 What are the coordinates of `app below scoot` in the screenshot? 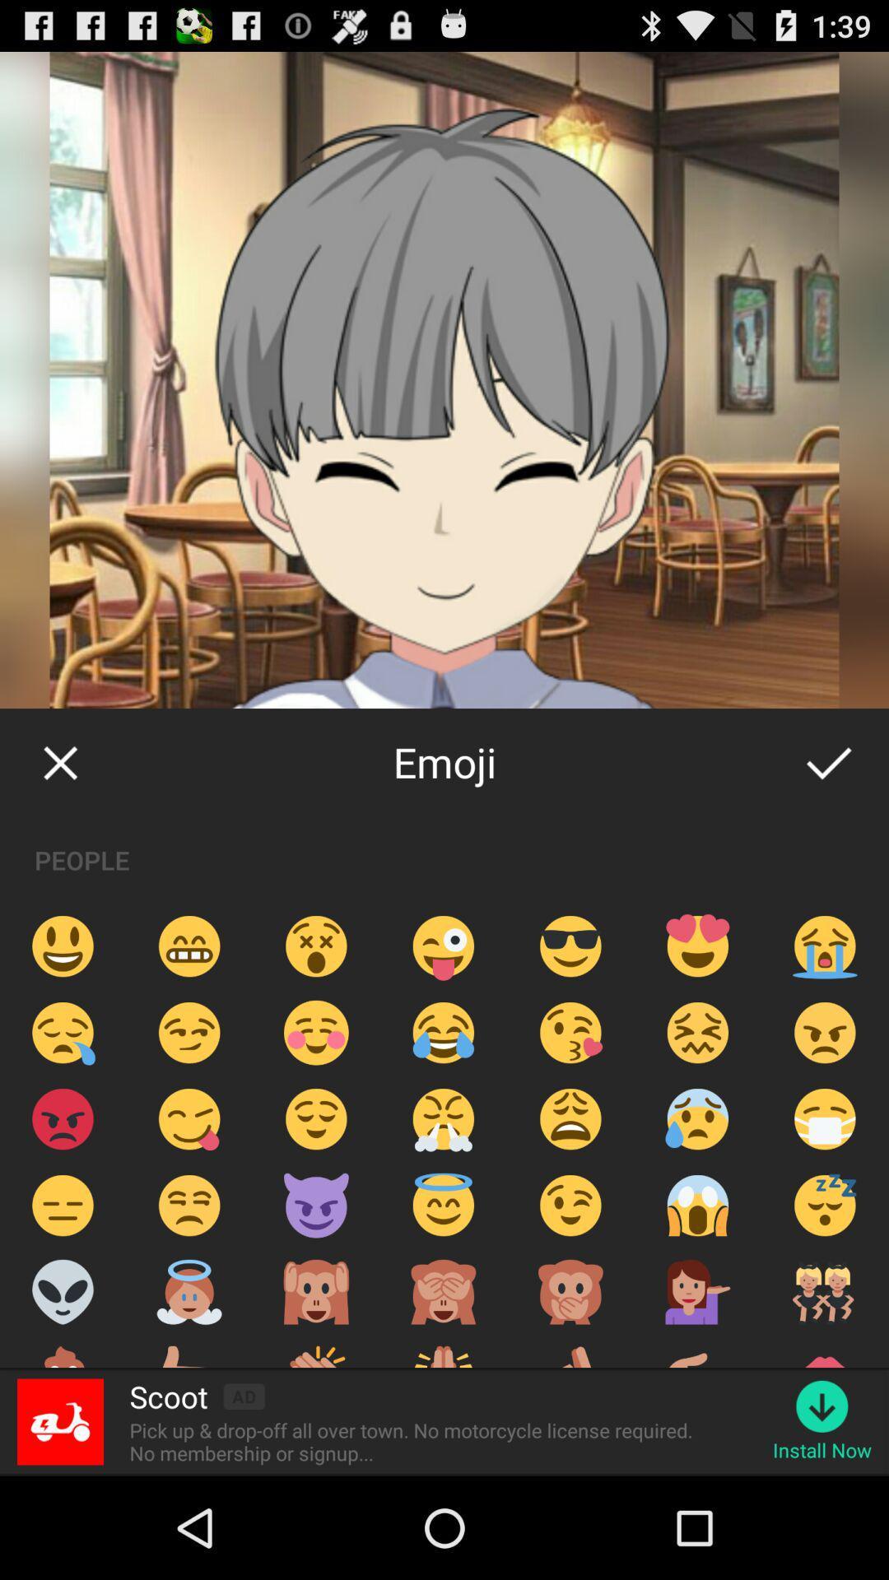 It's located at (416, 1441).